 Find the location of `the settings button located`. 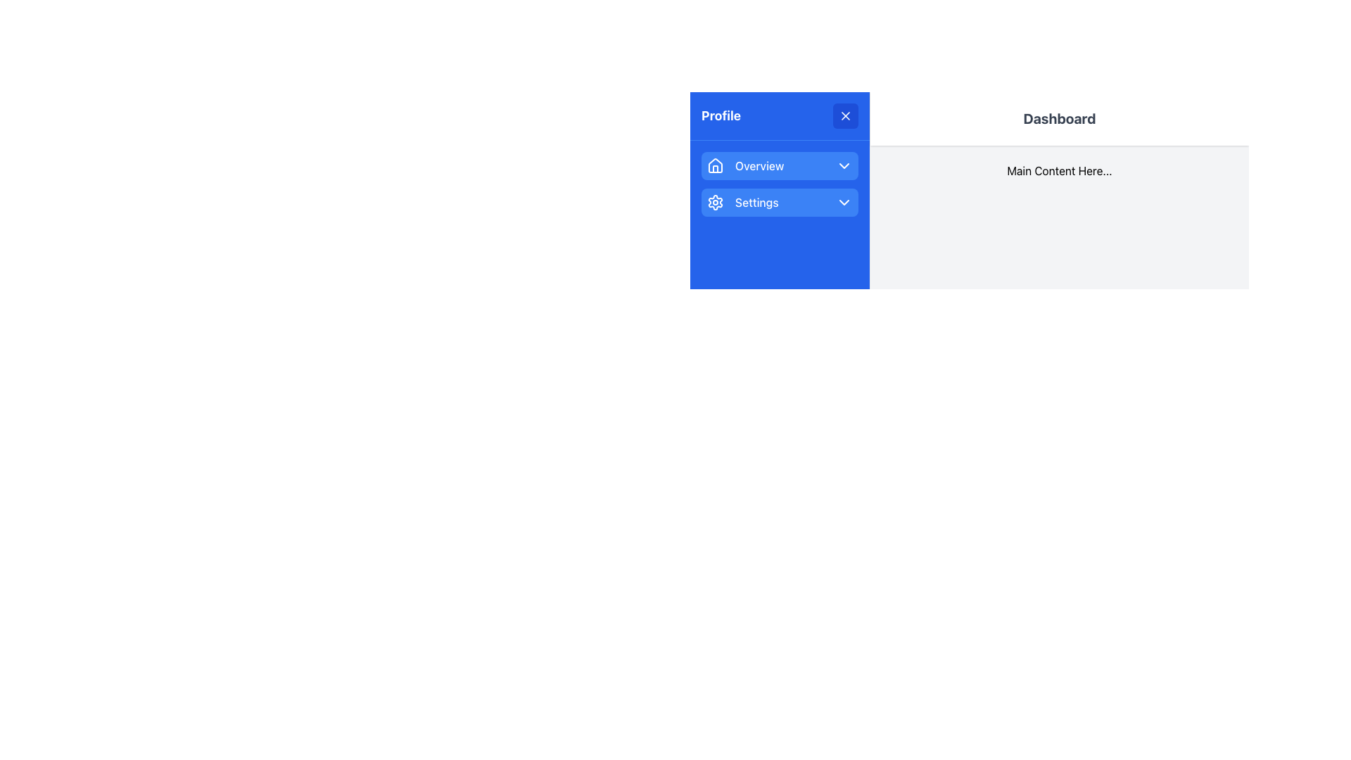

the settings button located is located at coordinates (779, 203).